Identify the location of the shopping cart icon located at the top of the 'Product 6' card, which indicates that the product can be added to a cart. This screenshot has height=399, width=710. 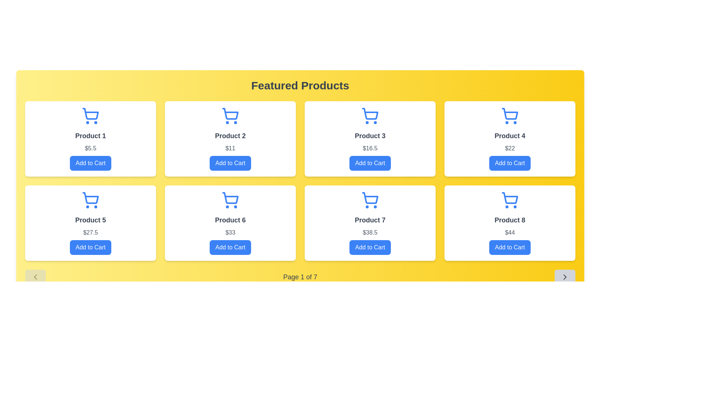
(230, 200).